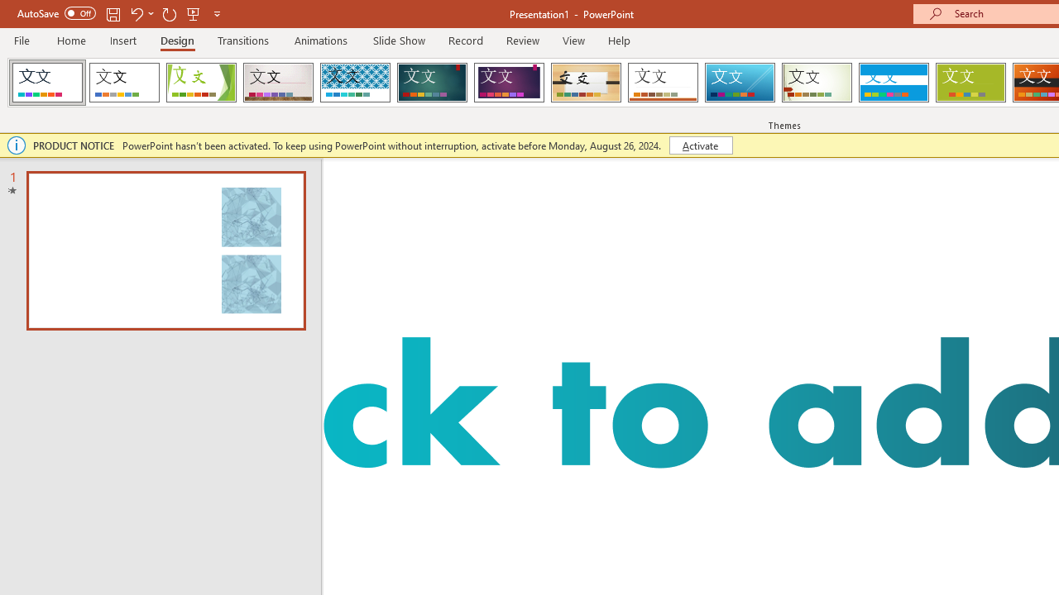 Image resolution: width=1059 pixels, height=595 pixels. What do you see at coordinates (663, 83) in the screenshot?
I see `'Retrospect'` at bounding box center [663, 83].